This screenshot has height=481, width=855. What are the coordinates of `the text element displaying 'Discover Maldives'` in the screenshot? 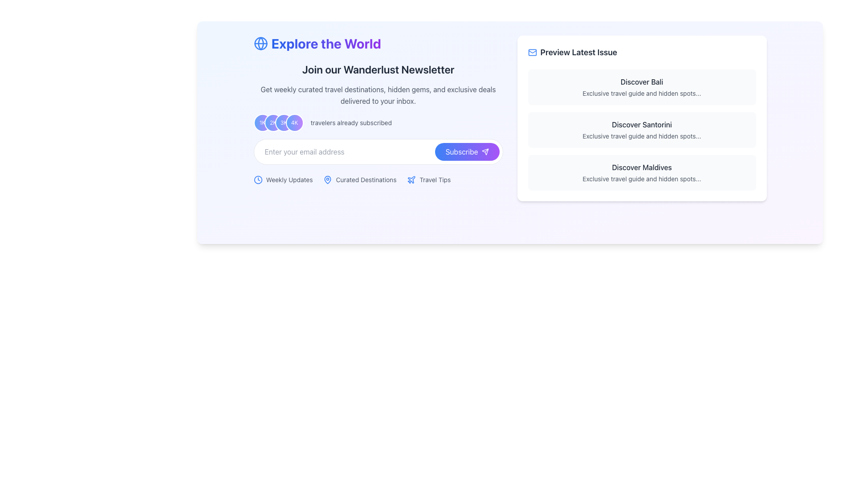 It's located at (642, 167).